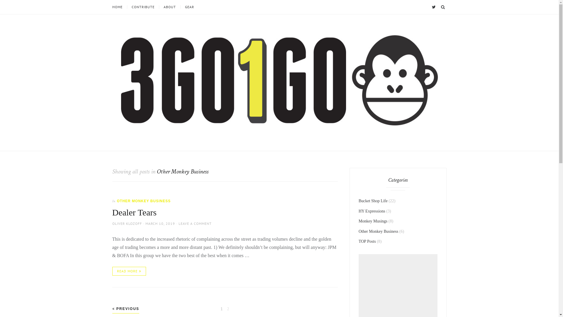 The height and width of the screenshot is (317, 563). What do you see at coordinates (143, 7) in the screenshot?
I see `'CONTRIBUTE'` at bounding box center [143, 7].